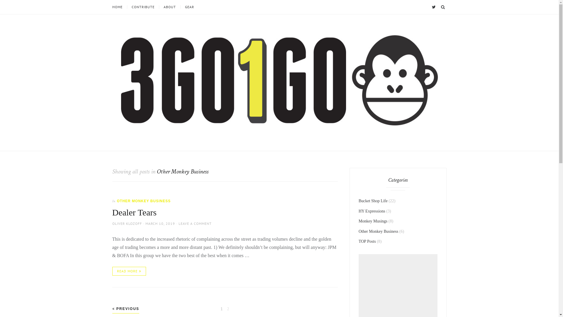 The height and width of the screenshot is (317, 563). What do you see at coordinates (143, 7) in the screenshot?
I see `'CONTRIBUTE'` at bounding box center [143, 7].